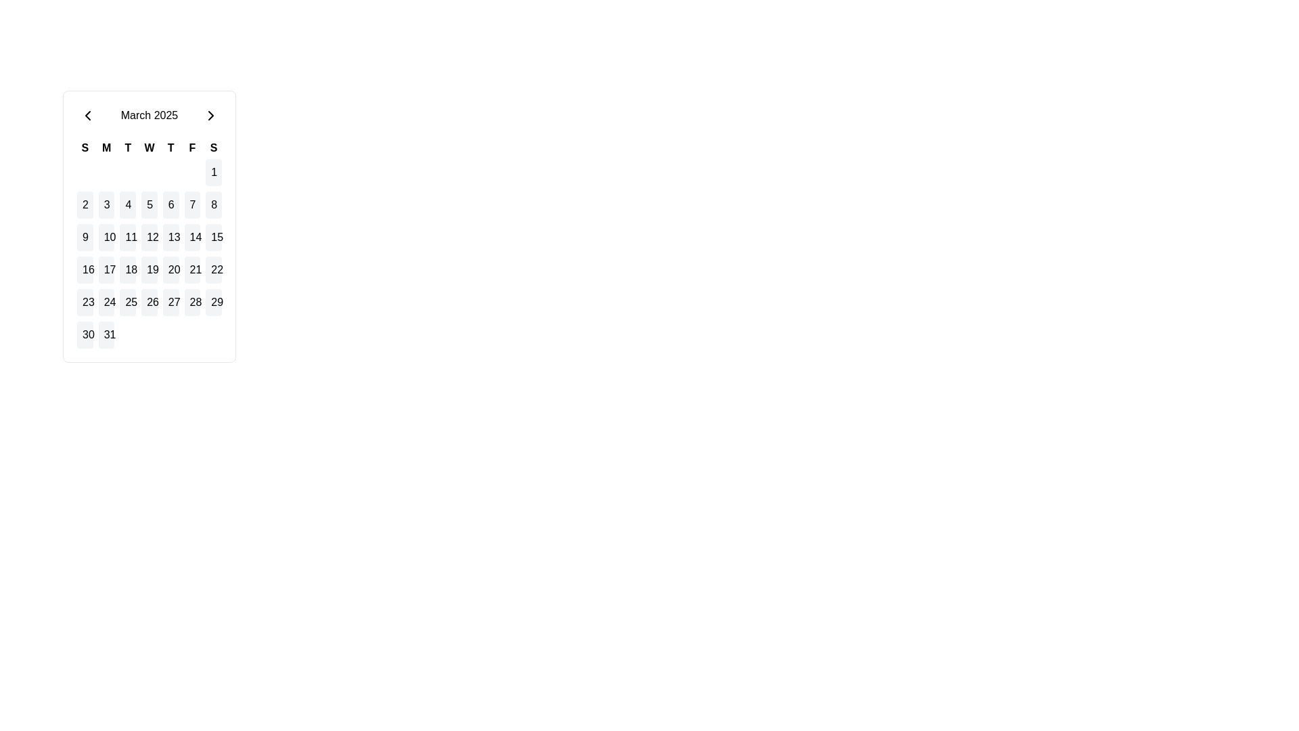 This screenshot has height=731, width=1299. Describe the element at coordinates (213, 269) in the screenshot. I see `the button representing the date '22nd'` at that location.